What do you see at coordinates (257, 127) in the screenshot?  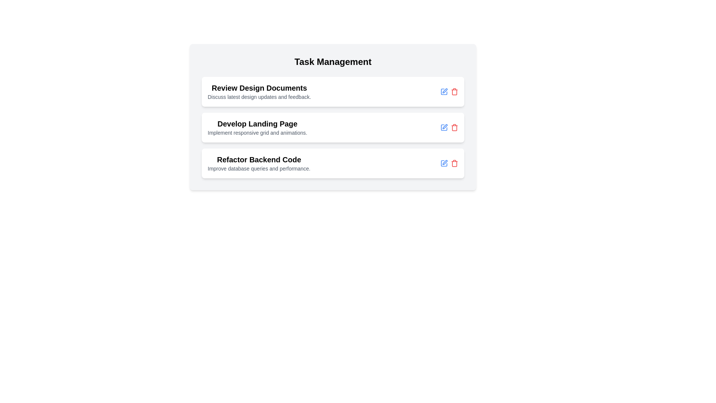 I see `the task item in the task manager interface that has a title and description, located between 'Review Design Documents' and 'Refactor Backend Code'` at bounding box center [257, 127].